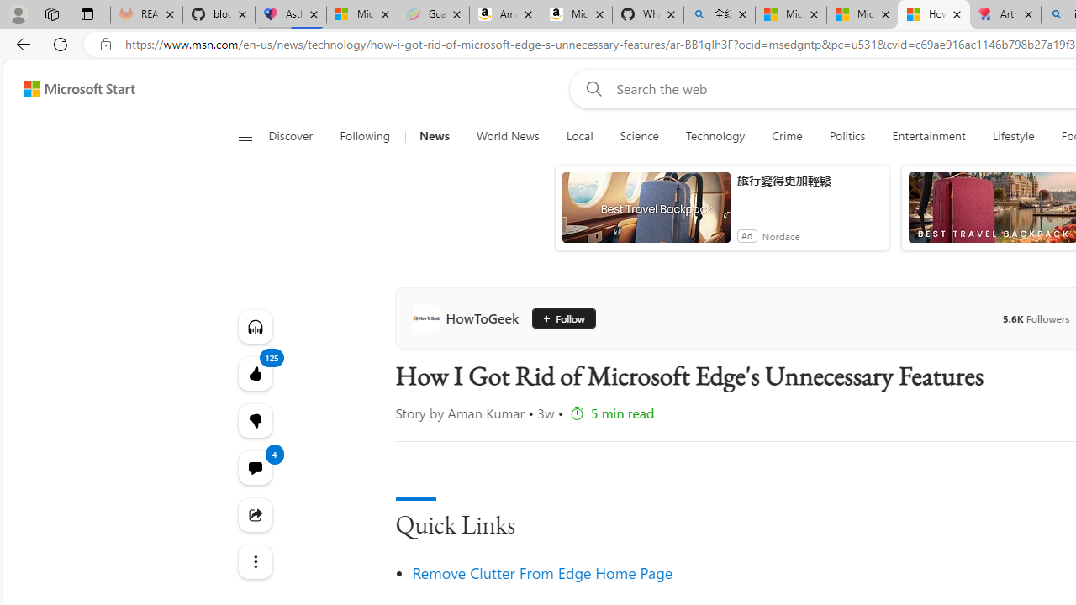 This screenshot has height=605, width=1076. Describe the element at coordinates (645, 213) in the screenshot. I see `'anim-content'` at that location.